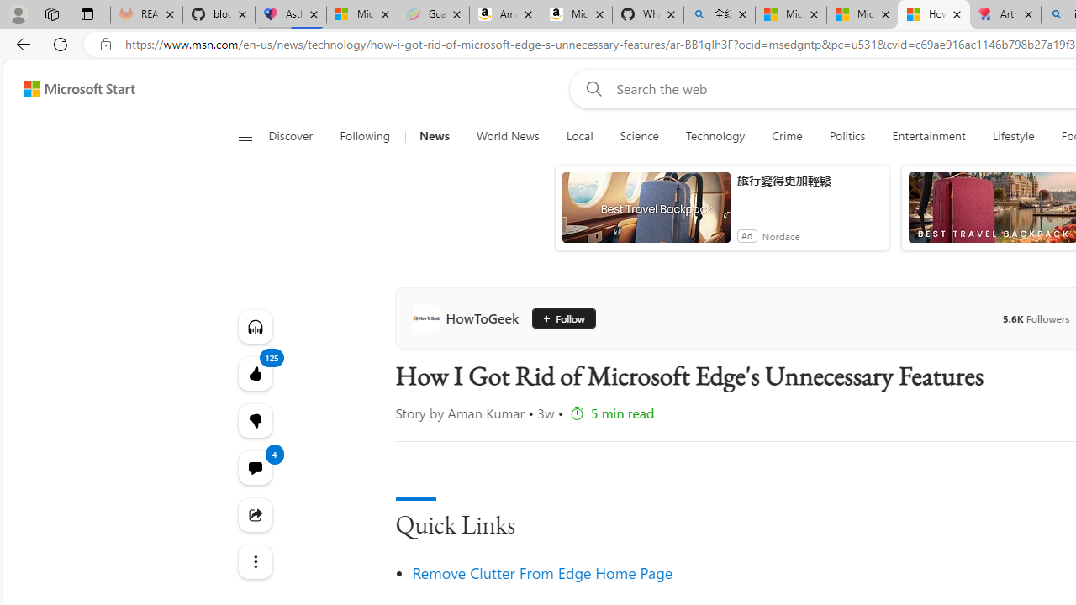 This screenshot has height=605, width=1076. Describe the element at coordinates (645, 213) in the screenshot. I see `'anim-content'` at that location.